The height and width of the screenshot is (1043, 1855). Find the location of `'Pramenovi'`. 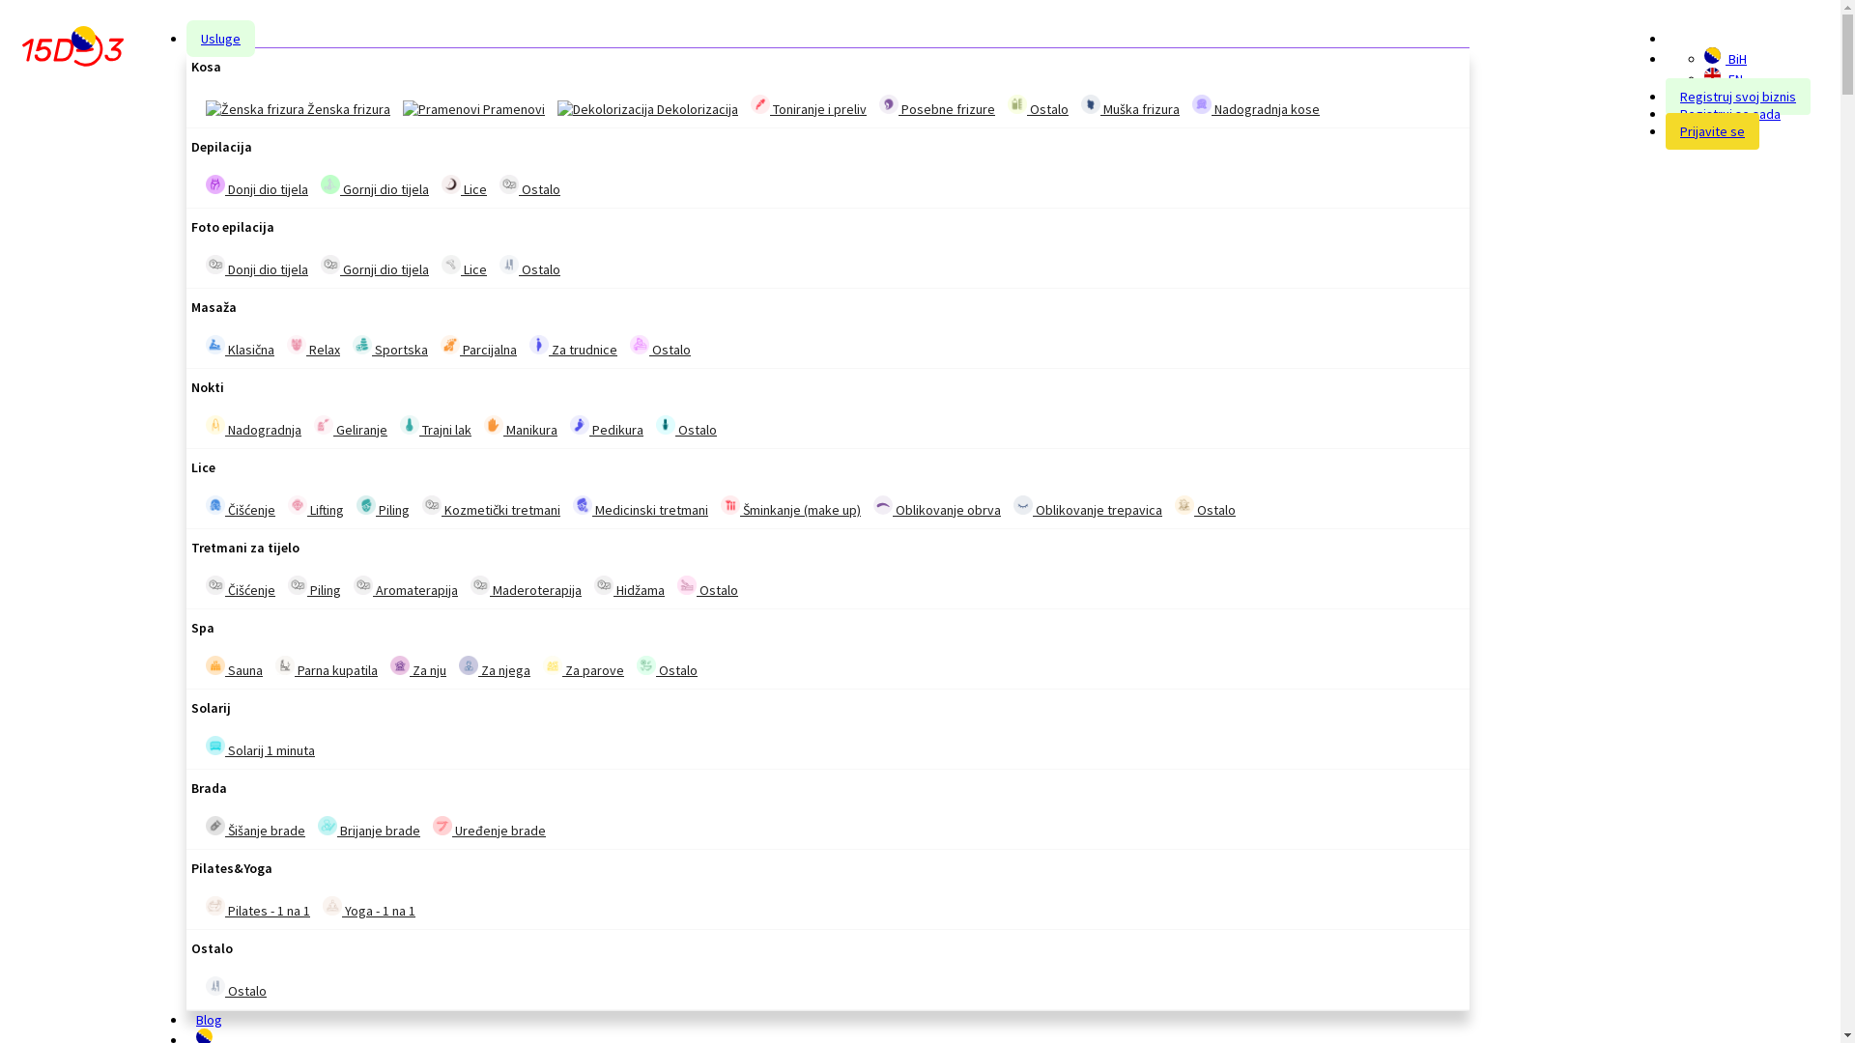

'Pramenovi' is located at coordinates (473, 108).